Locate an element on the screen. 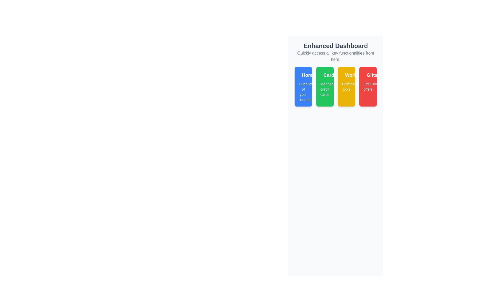 The width and height of the screenshot is (501, 282). internal elements of the red rectangular card labeled 'Gifts', which is the rightmost card in a row of four cards is located at coordinates (368, 75).